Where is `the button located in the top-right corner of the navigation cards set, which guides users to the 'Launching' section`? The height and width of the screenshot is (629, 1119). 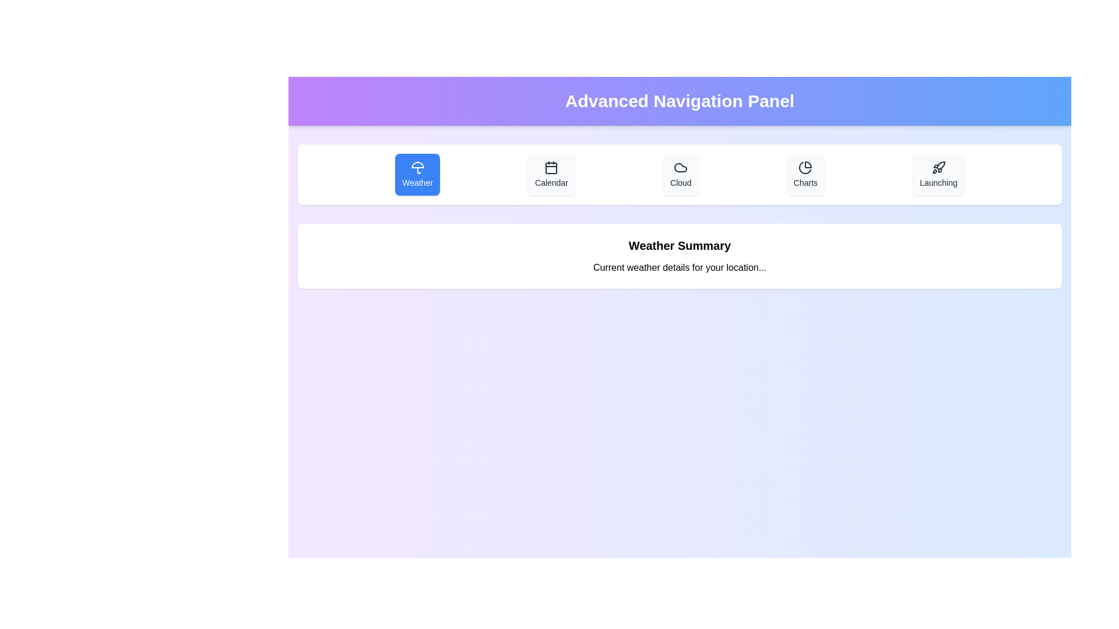 the button located in the top-right corner of the navigation cards set, which guides users to the 'Launching' section is located at coordinates (938, 175).